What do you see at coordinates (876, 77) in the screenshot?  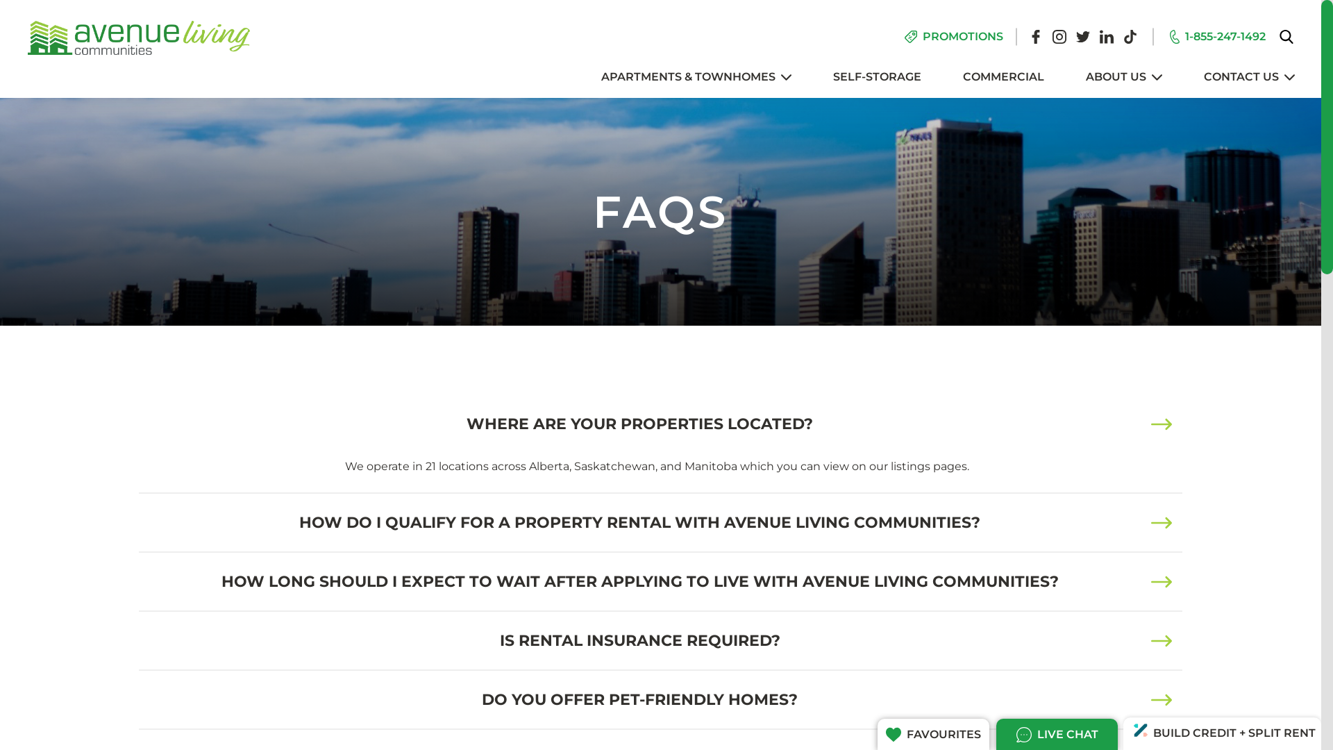 I see `'SELF-STORAGE'` at bounding box center [876, 77].